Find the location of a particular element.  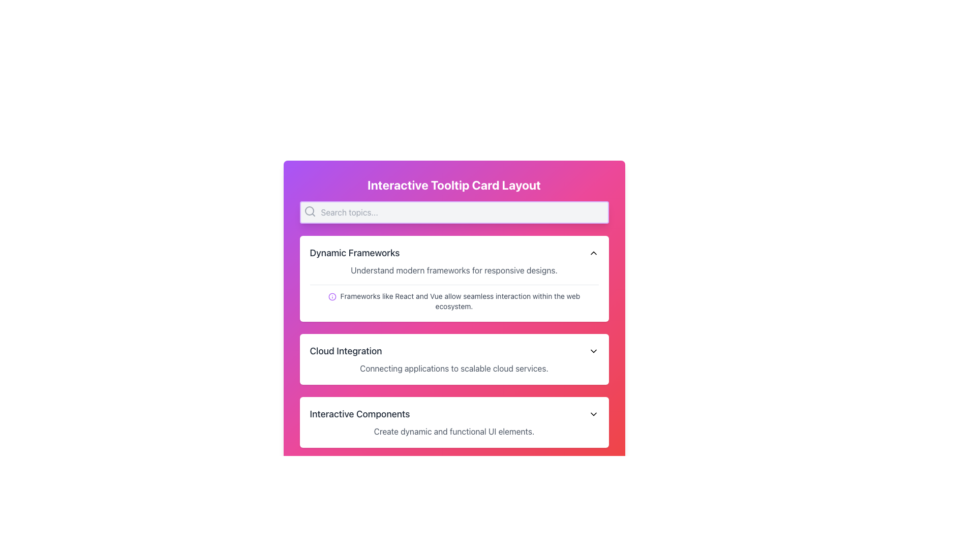

the chevron icon at the far-right side of the panel is located at coordinates (593, 414).